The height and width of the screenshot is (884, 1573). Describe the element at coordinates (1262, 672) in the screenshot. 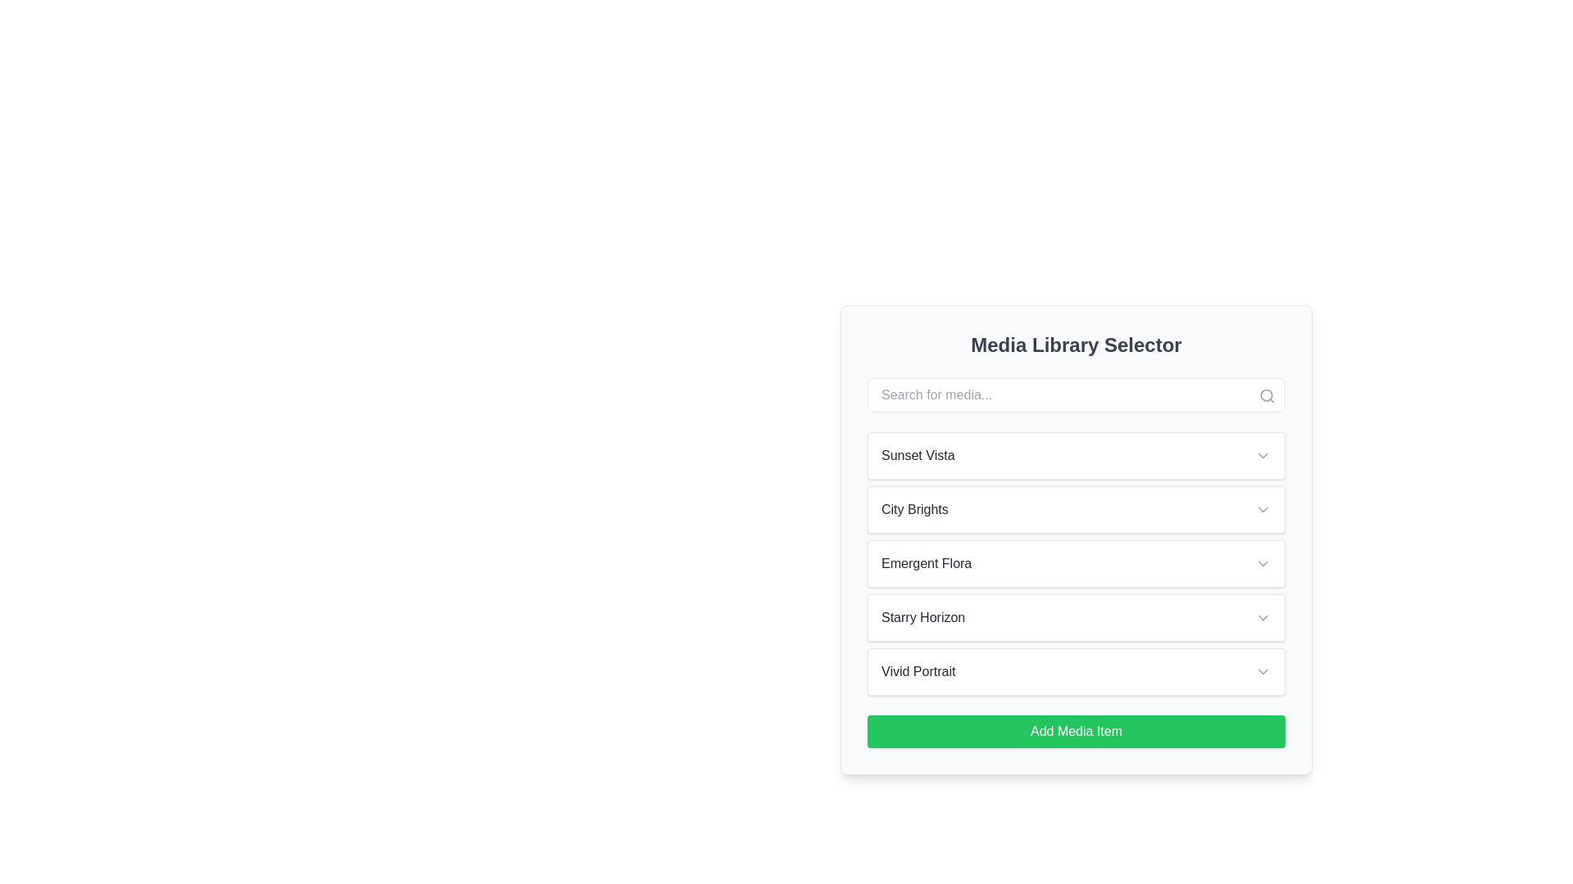

I see `the downwards pointing gray arrow icon located in the 'Vivid Portrait' dropdown section` at that location.